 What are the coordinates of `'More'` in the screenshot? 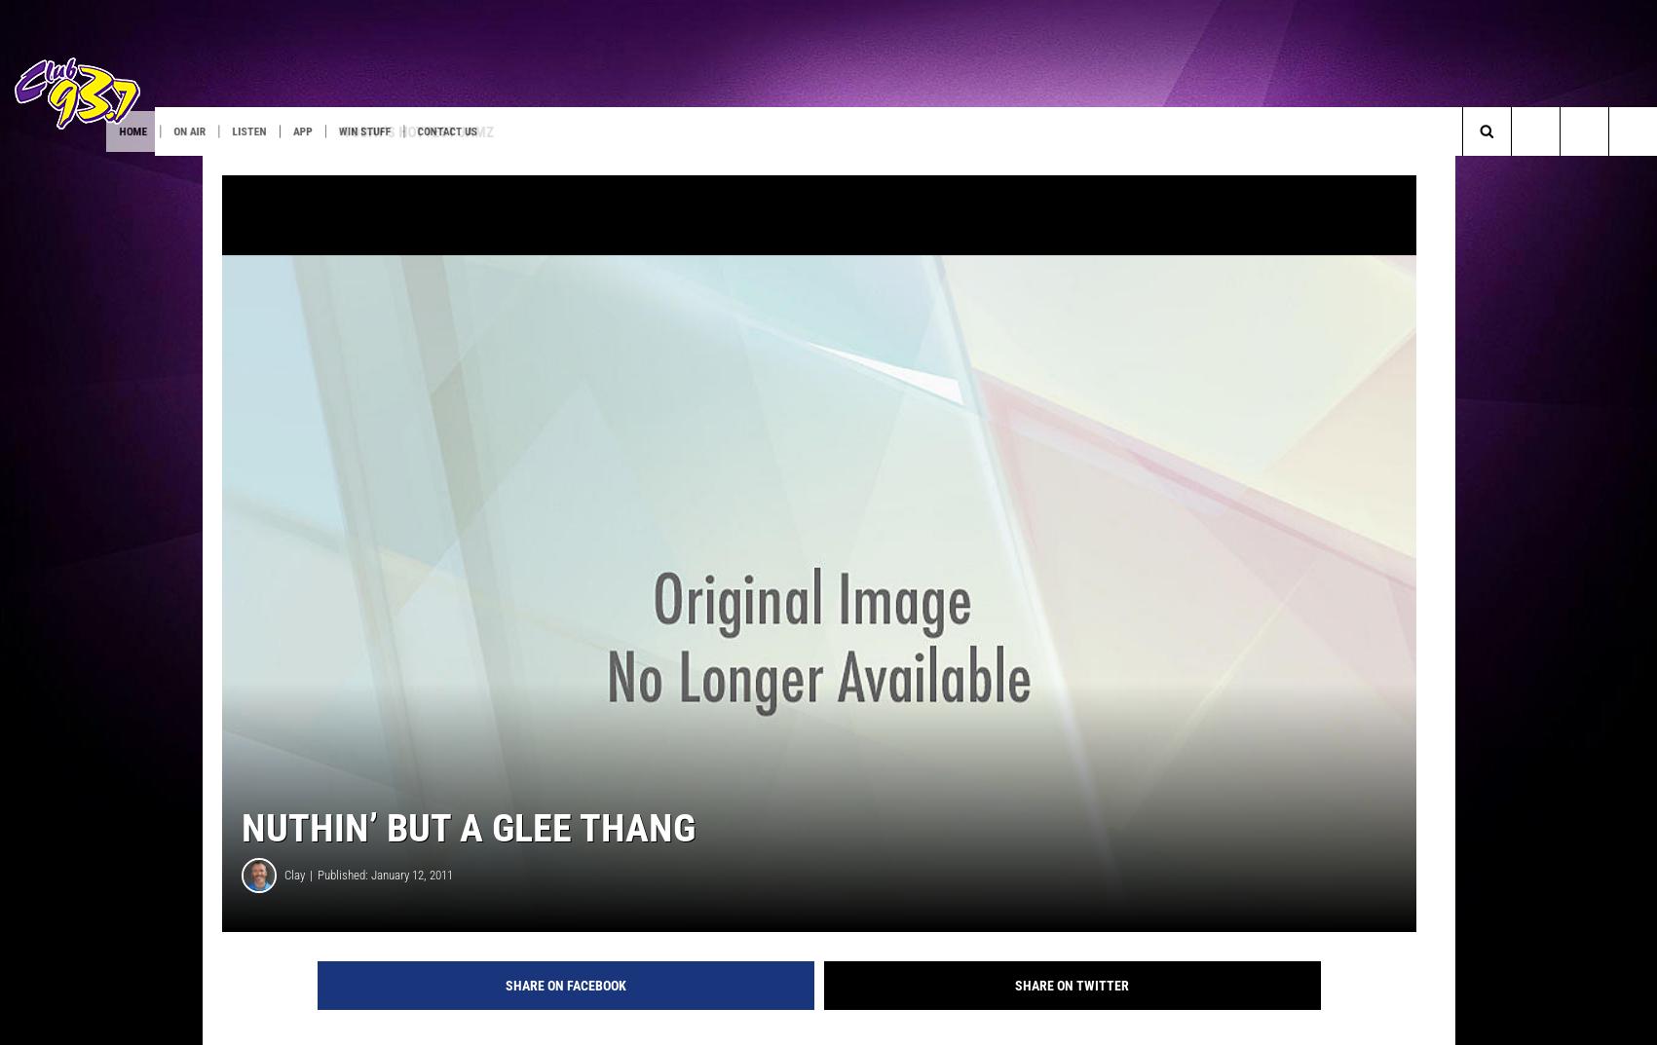 It's located at (654, 130).